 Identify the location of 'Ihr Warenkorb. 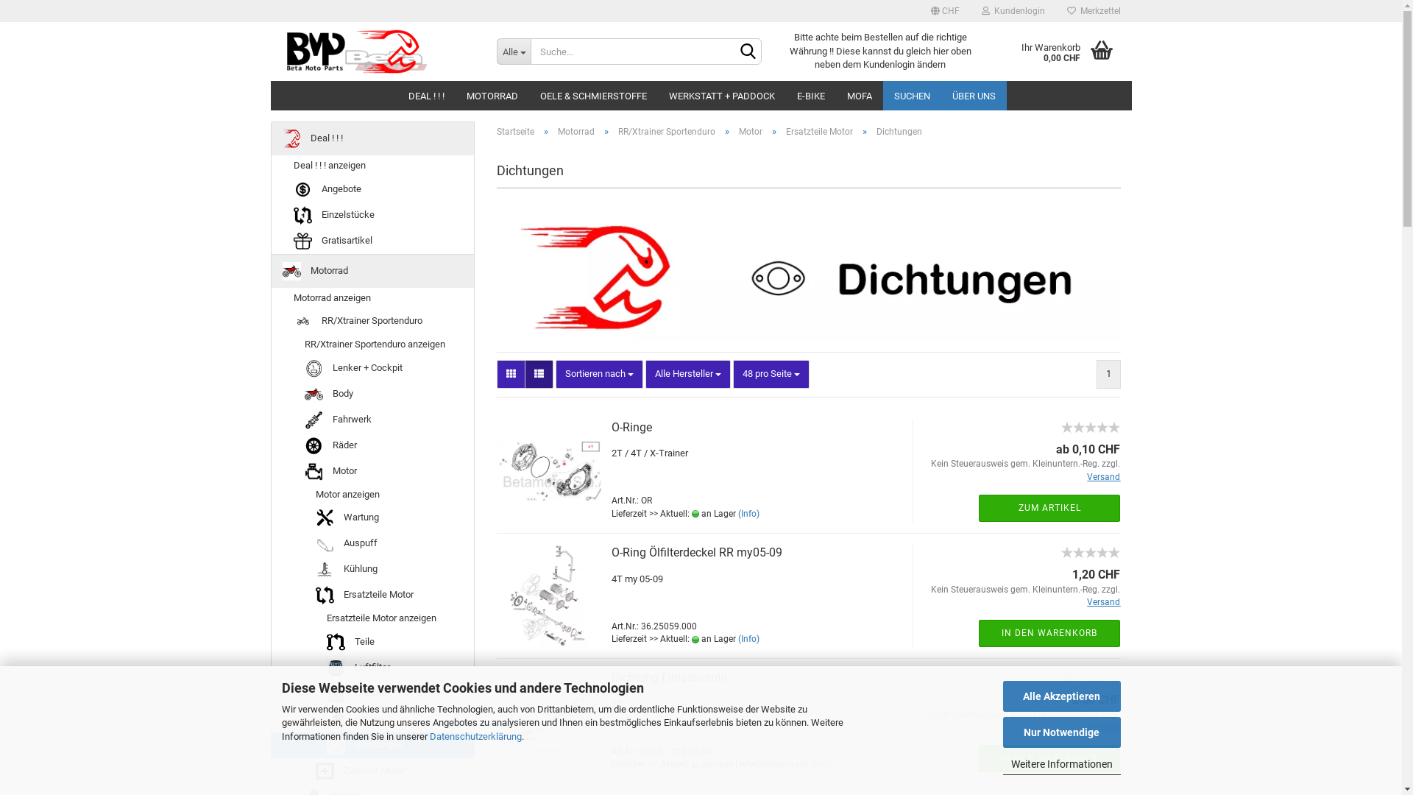
(988, 50).